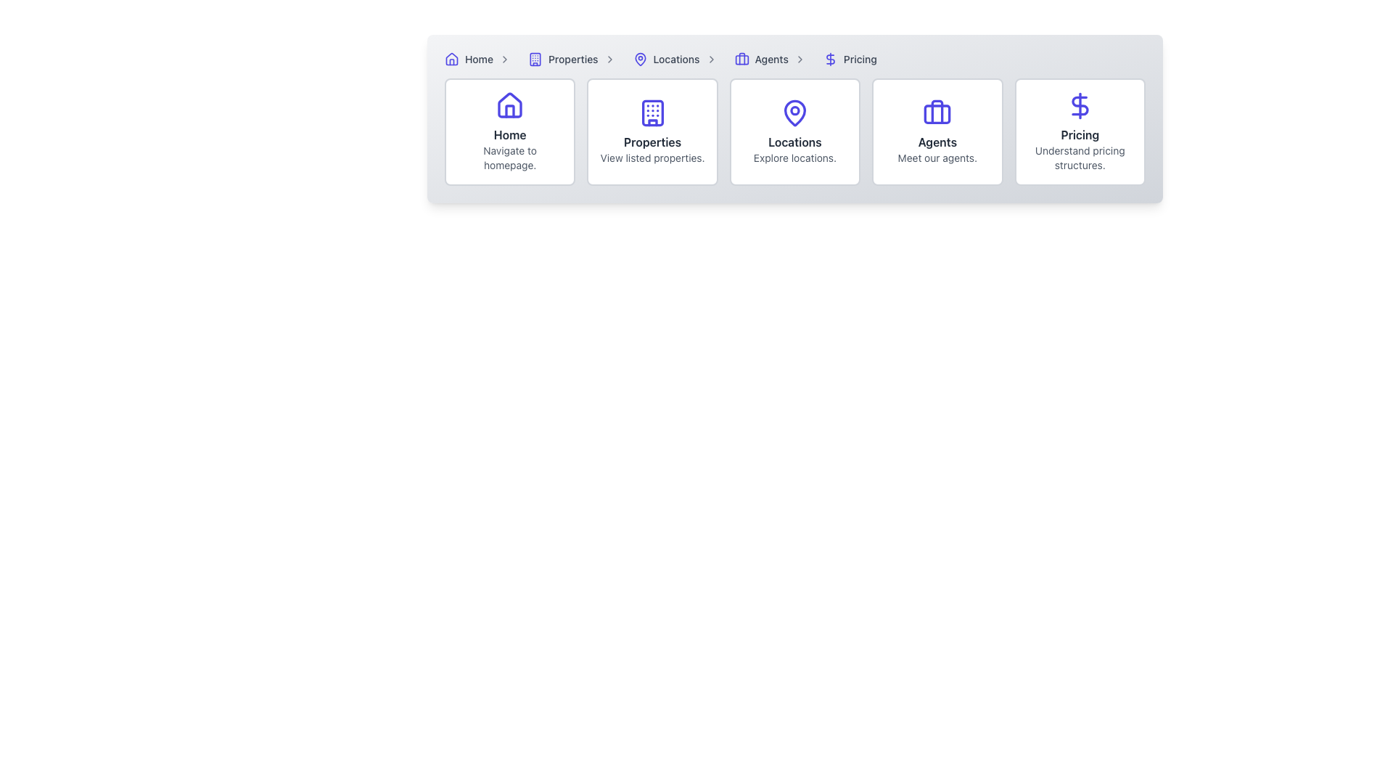 The height and width of the screenshot is (784, 1393). Describe the element at coordinates (480, 58) in the screenshot. I see `the 'Home' breadcrumb item with an icon` at that location.